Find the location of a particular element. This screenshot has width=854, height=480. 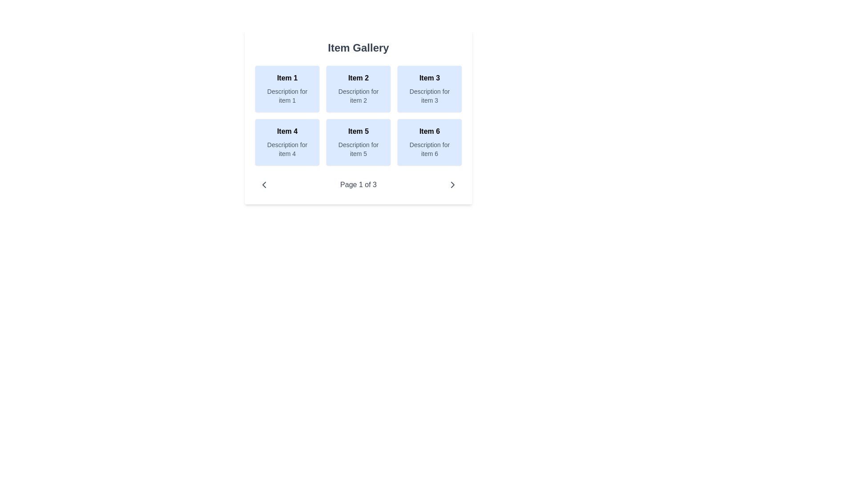

text from the informational card displaying 'Item 3' and its description, located at the top-right corner of the grid layout is located at coordinates (429, 89).